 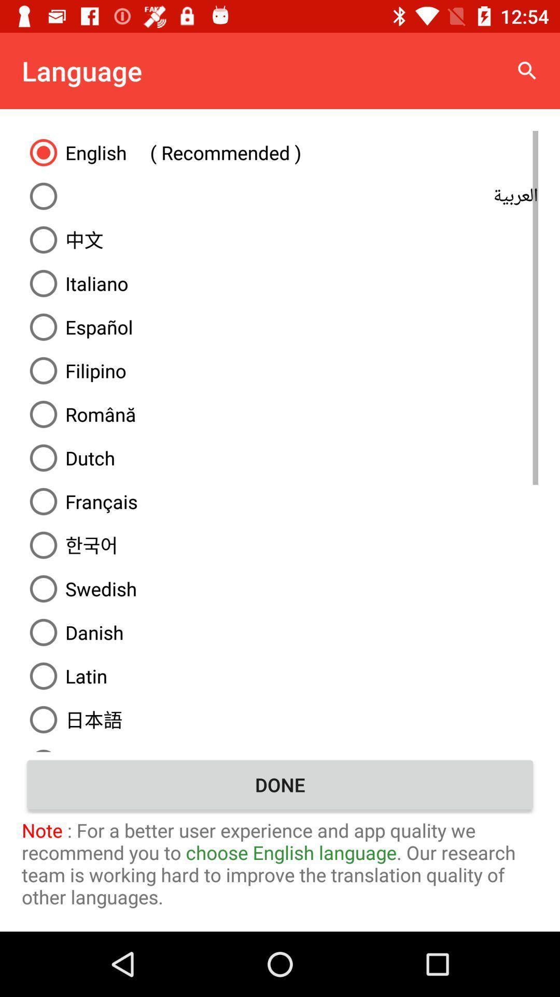 What do you see at coordinates (280, 196) in the screenshot?
I see `icon below english     ( recommended )` at bounding box center [280, 196].